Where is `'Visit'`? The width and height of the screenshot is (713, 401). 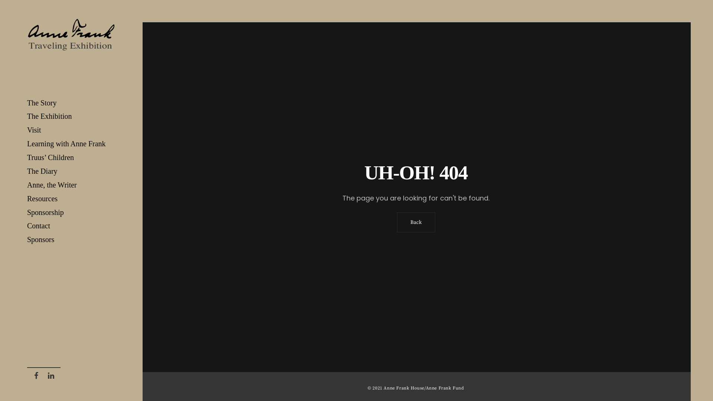
'Visit' is located at coordinates (71, 130).